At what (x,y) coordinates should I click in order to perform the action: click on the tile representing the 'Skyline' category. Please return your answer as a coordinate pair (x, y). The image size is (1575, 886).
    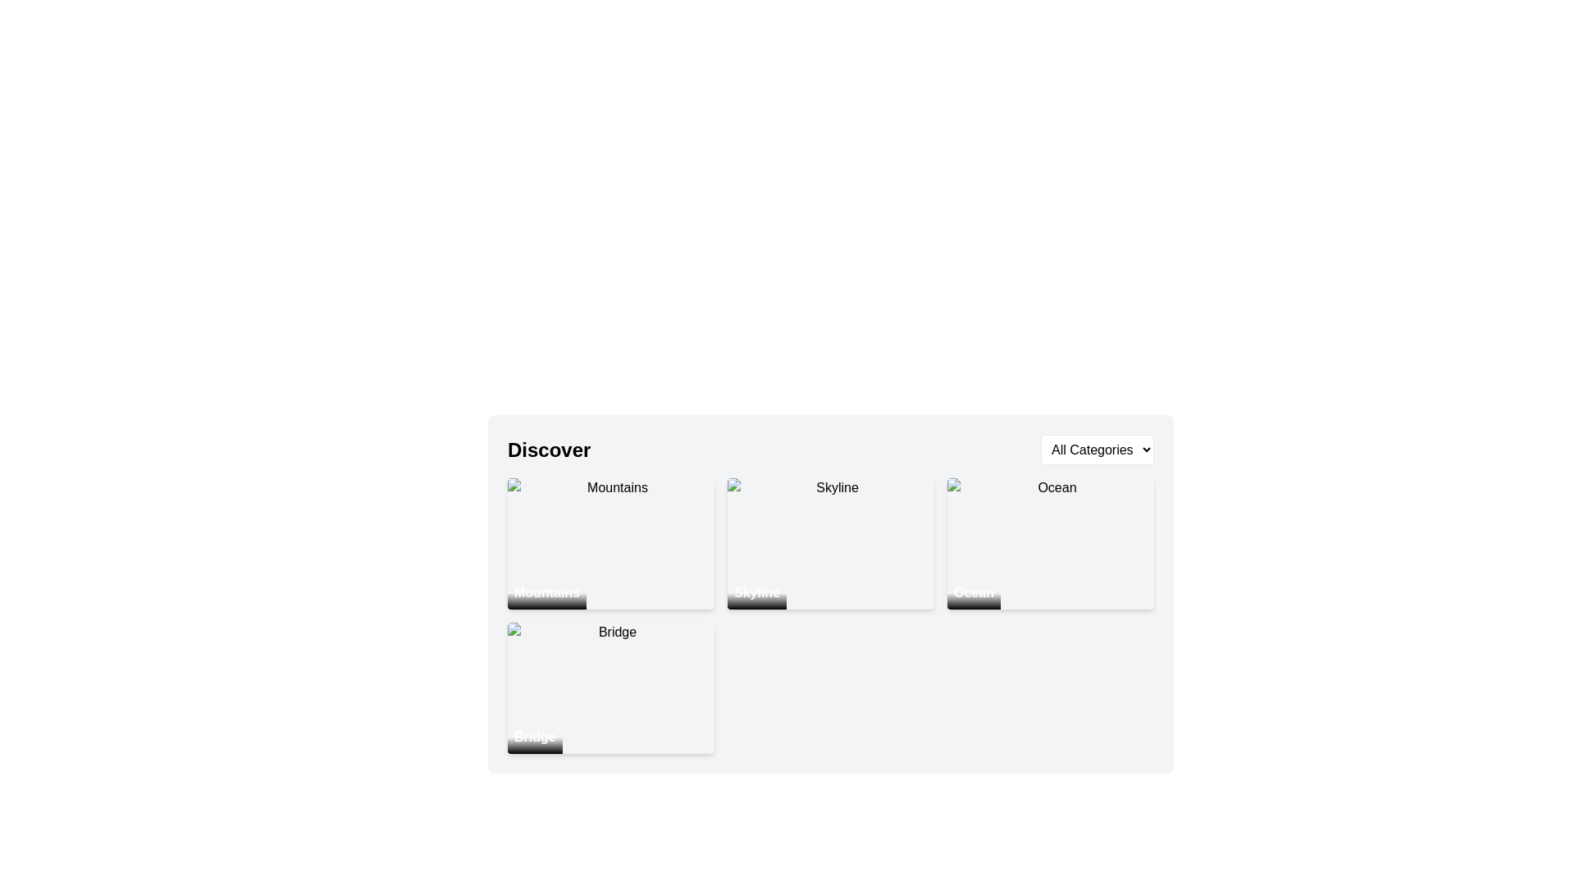
    Looking at the image, I should click on (830, 594).